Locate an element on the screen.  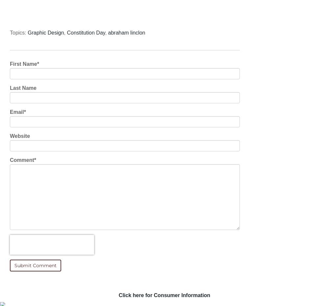
'Graphic Design' is located at coordinates (46, 33).